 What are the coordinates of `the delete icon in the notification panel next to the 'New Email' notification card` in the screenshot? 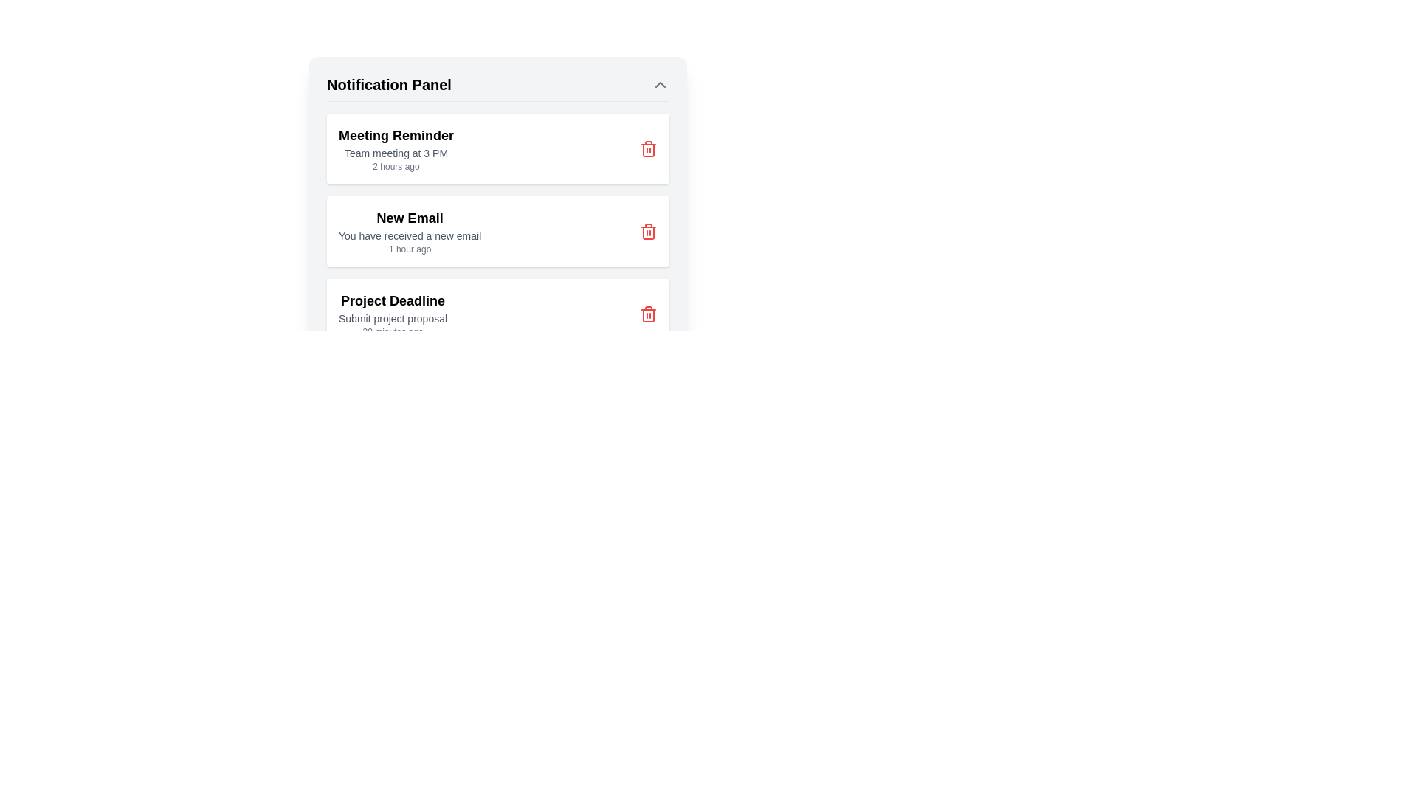 It's located at (648, 231).